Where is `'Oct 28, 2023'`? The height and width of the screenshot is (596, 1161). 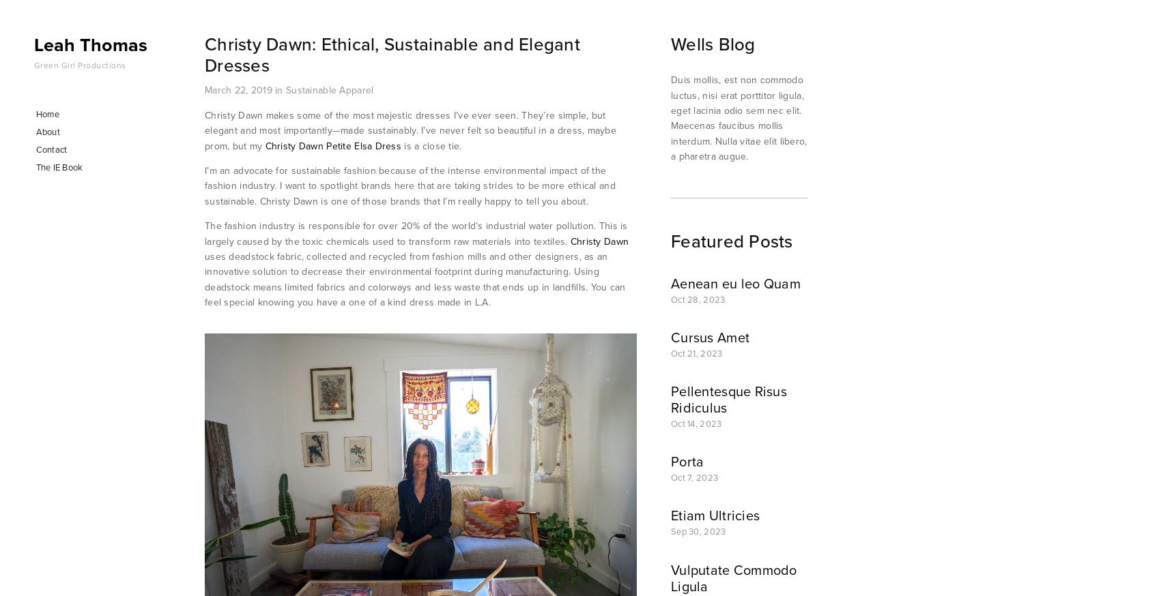
'Oct 28, 2023' is located at coordinates (698, 298).